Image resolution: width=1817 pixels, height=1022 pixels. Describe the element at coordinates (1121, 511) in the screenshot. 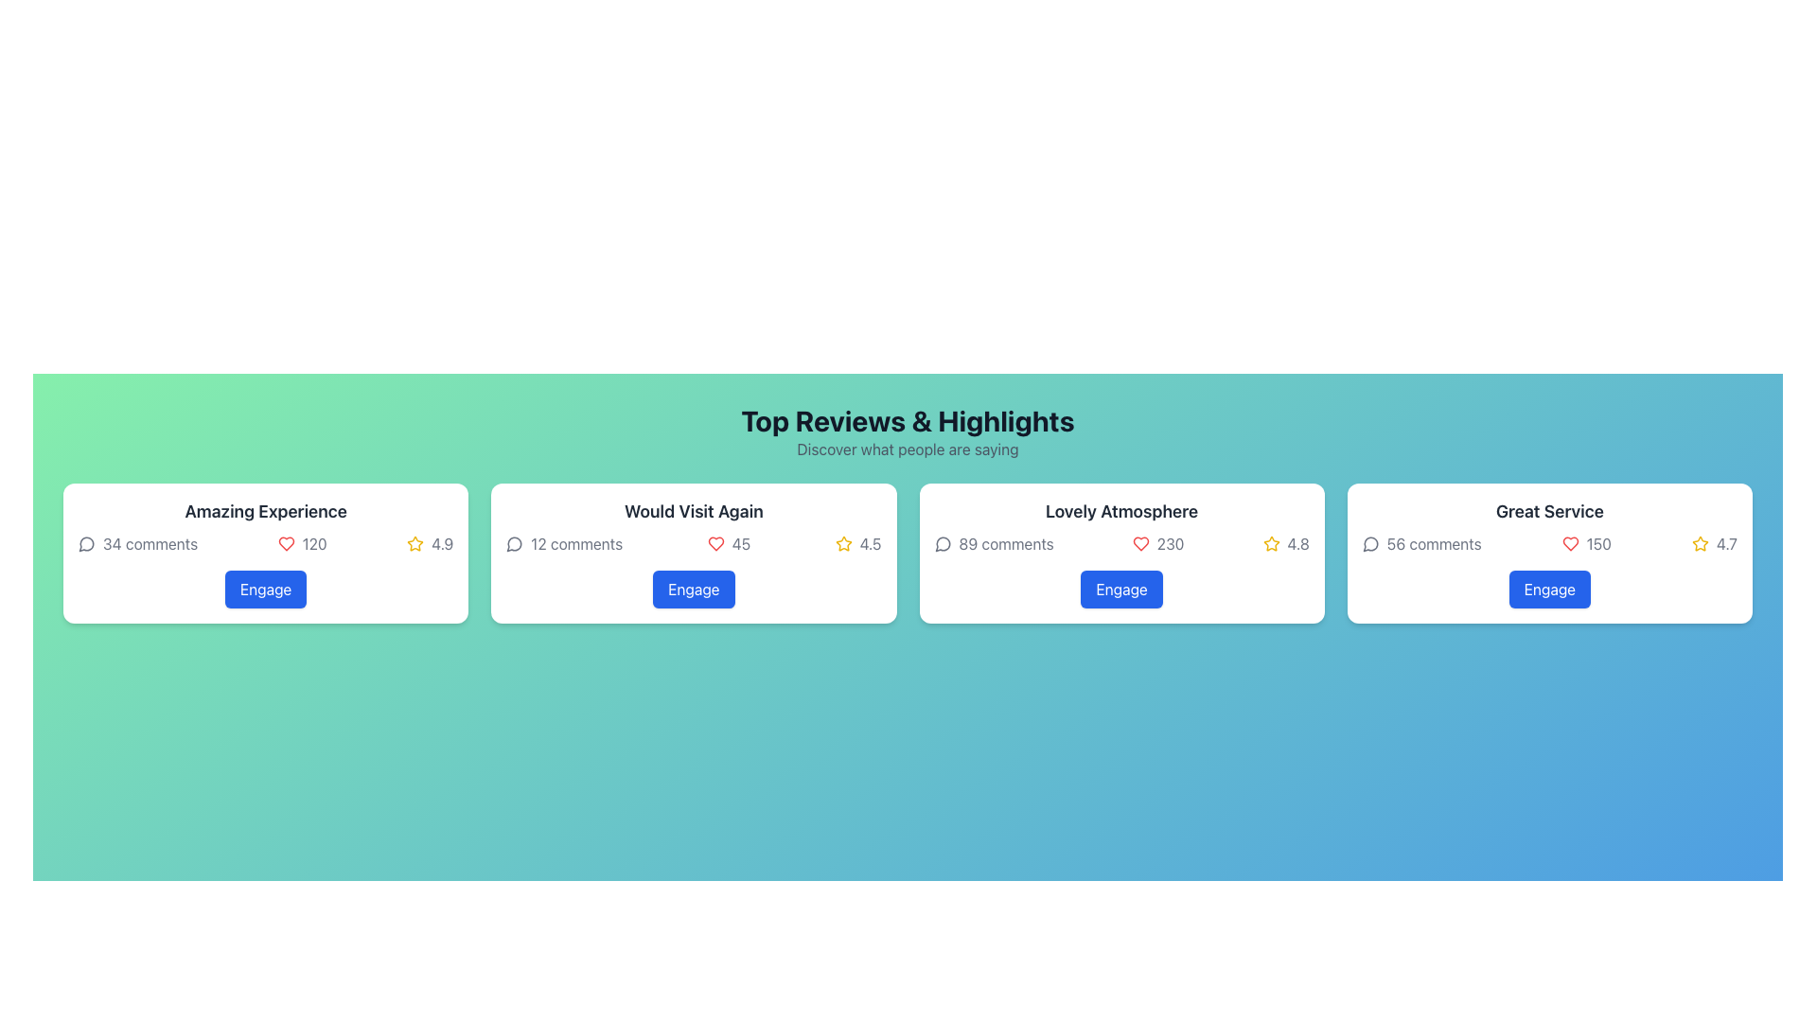

I see `the Text Display element that serves as a title or summary for the content of the card, located near the top of a card in the third column of a horizontally aligned grid, between 'Would Visit Again' and 'Great Service'` at that location.